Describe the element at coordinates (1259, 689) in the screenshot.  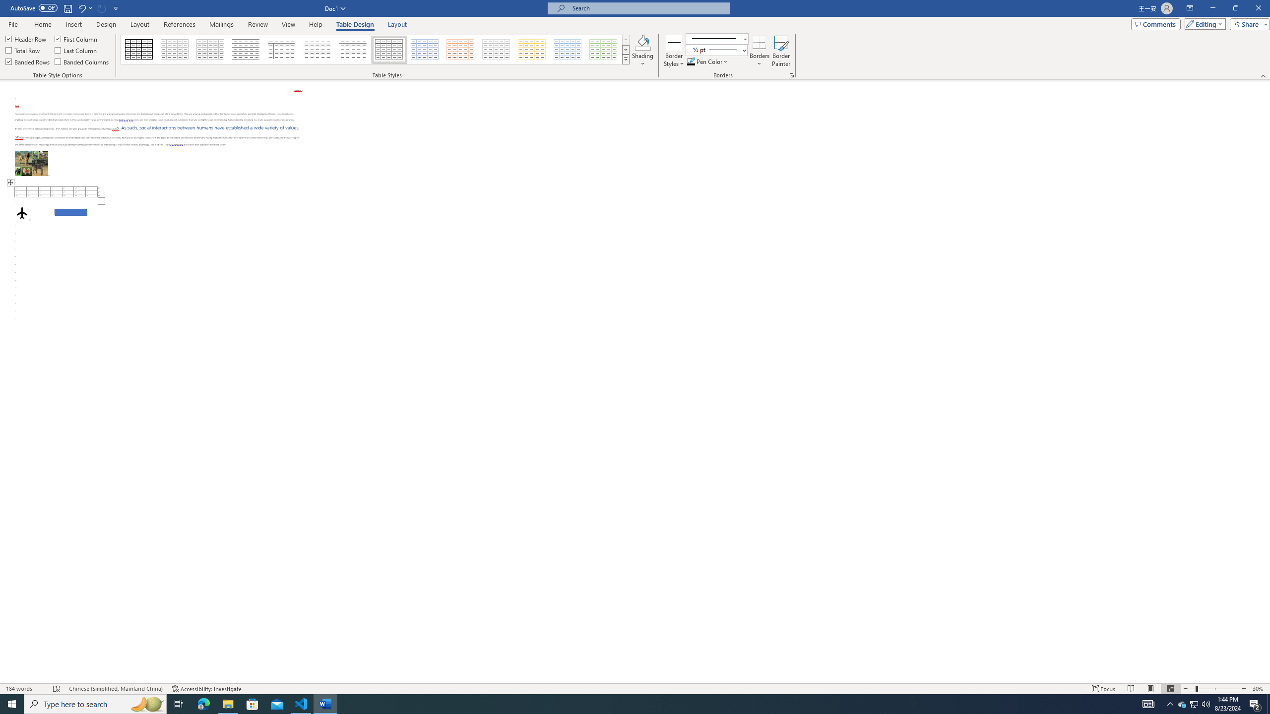
I see `'Zoom 30%'` at that location.